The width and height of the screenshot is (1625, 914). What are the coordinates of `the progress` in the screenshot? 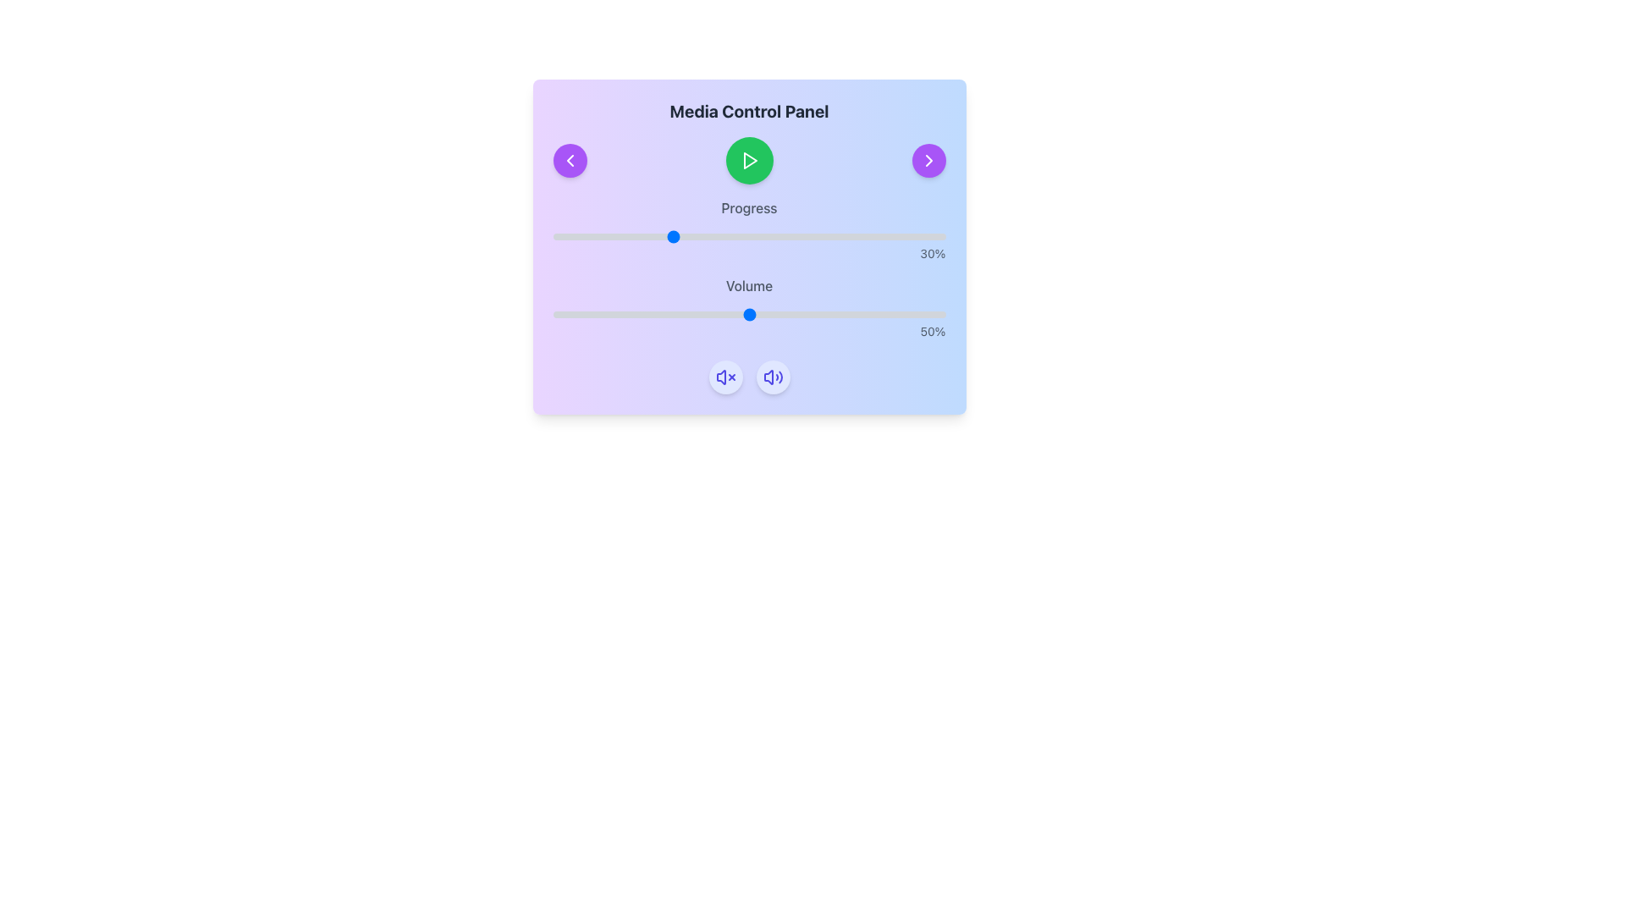 It's located at (820, 237).